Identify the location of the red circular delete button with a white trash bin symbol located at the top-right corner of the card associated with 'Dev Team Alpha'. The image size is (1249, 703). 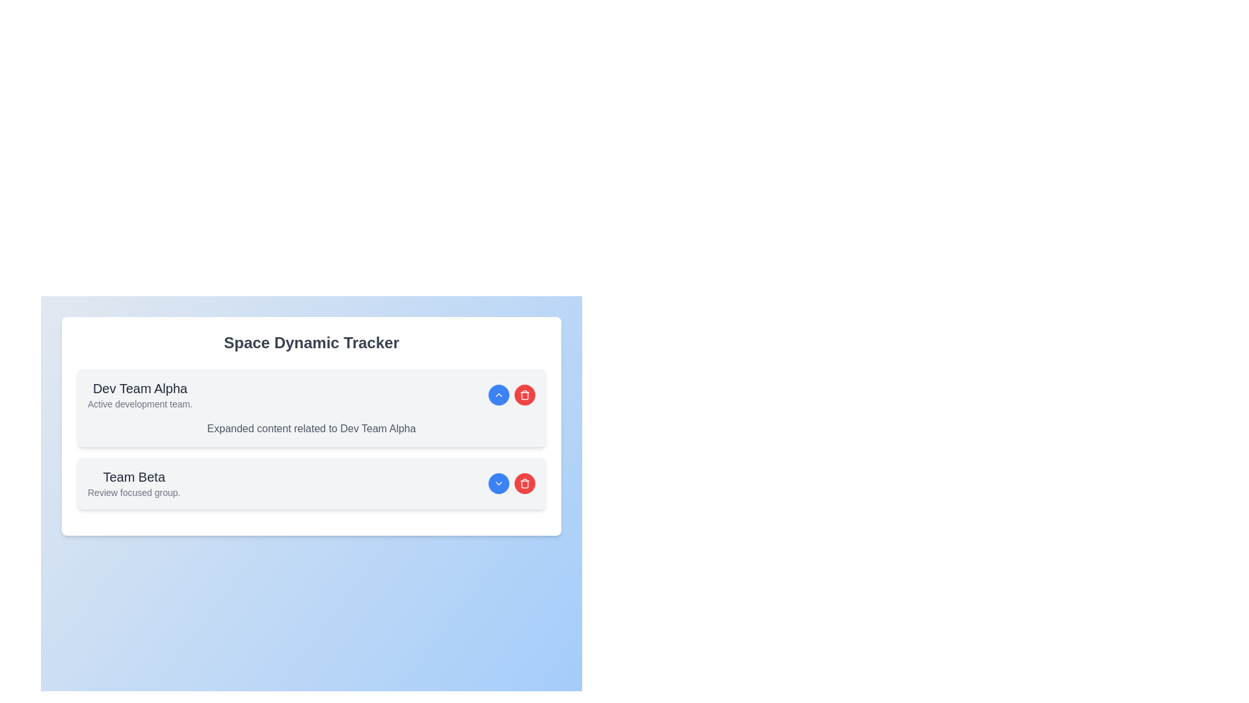
(524, 484).